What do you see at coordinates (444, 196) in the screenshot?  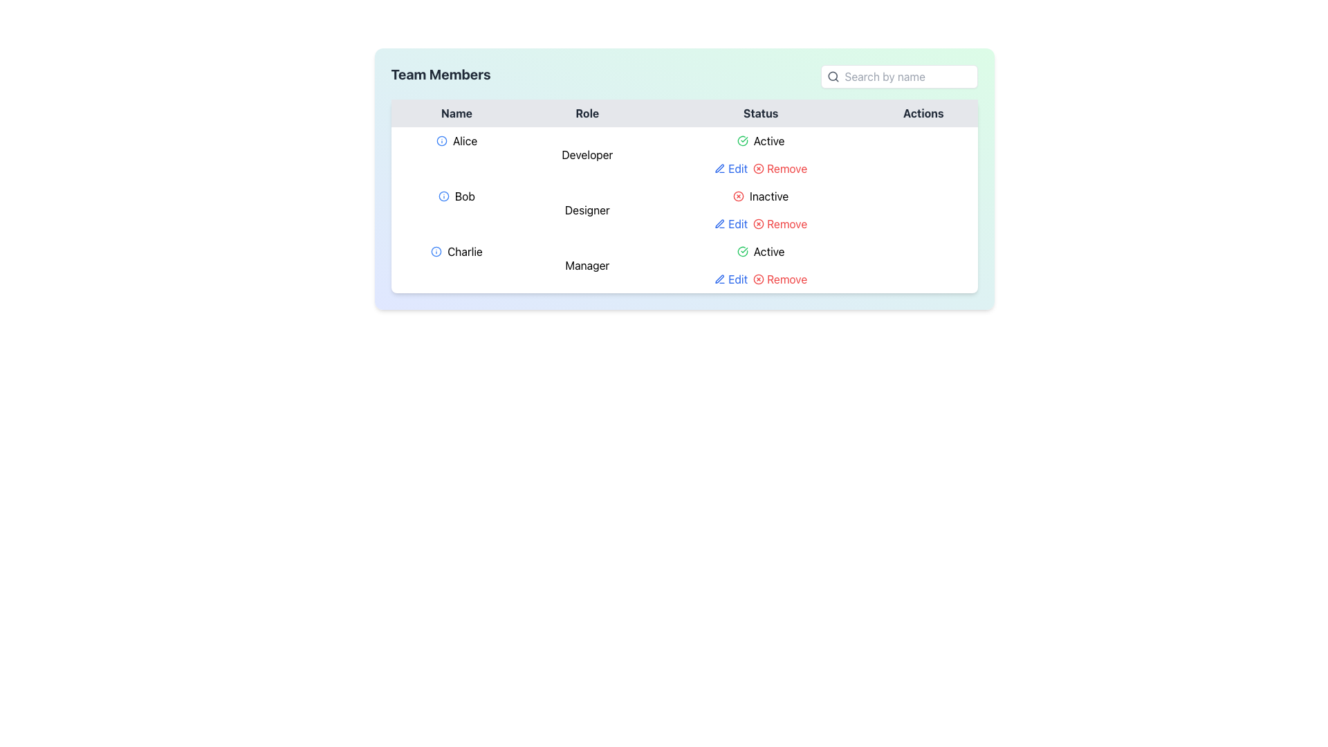 I see `the small circular filled blue icon with a white question mark at the center, located in the first column under the header 'Name' corresponding to the team member named 'Bob'` at bounding box center [444, 196].